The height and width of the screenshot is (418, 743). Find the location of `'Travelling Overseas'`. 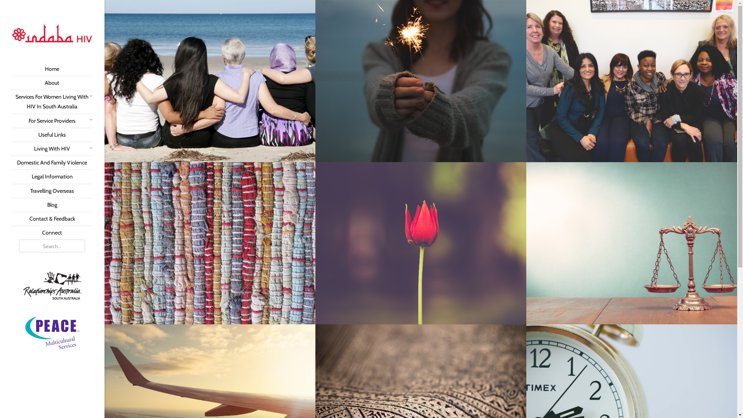

'Travelling Overseas' is located at coordinates (51, 191).